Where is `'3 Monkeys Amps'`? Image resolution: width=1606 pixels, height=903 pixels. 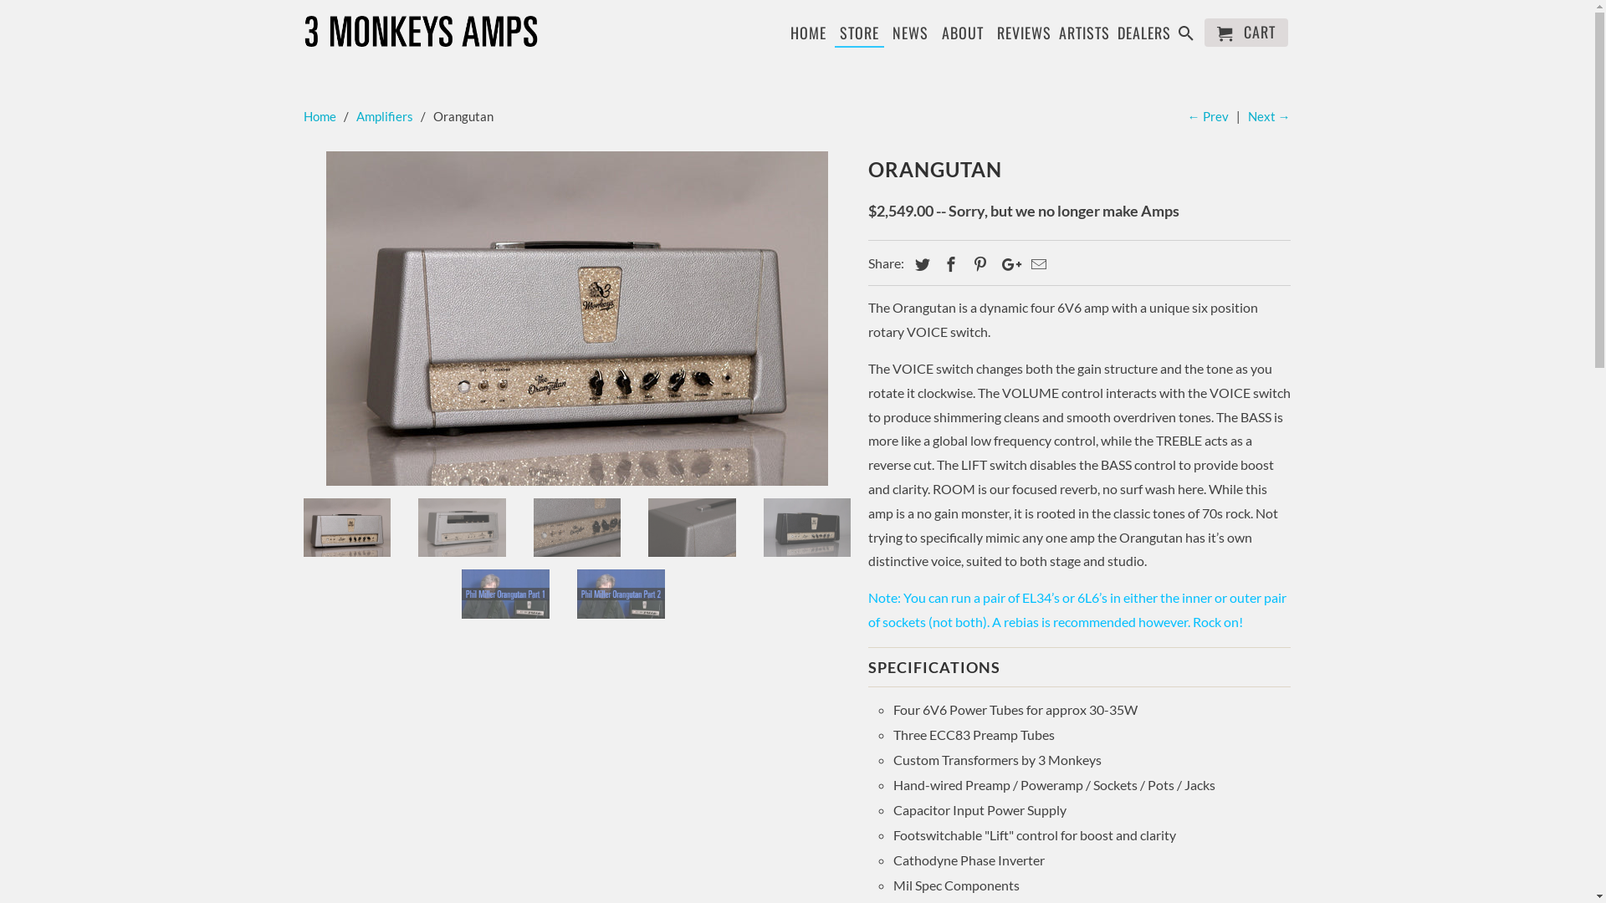
'3 Monkeys Amps' is located at coordinates (420, 29).